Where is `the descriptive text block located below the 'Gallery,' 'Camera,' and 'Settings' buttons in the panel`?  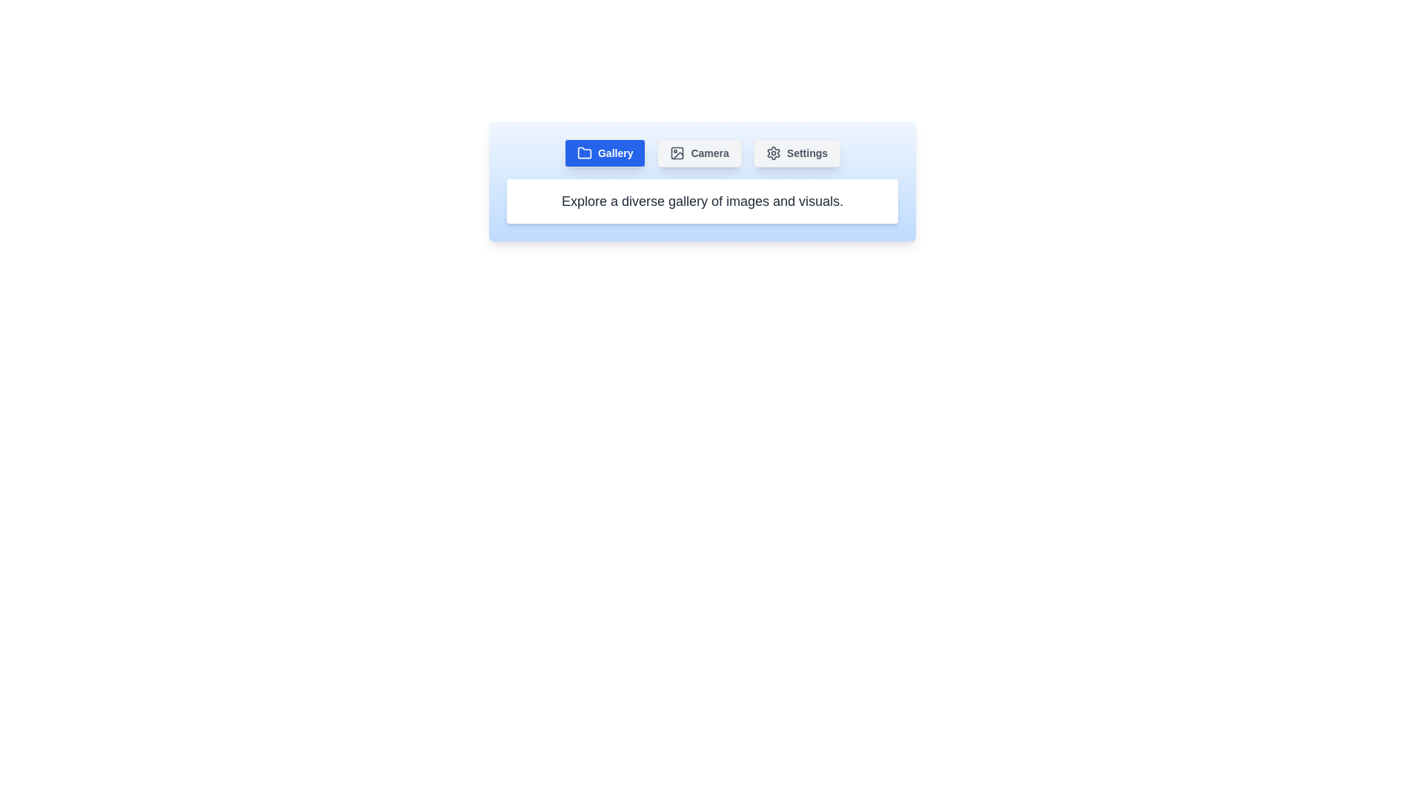
the descriptive text block located below the 'Gallery,' 'Camera,' and 'Settings' buttons in the panel is located at coordinates (702, 201).